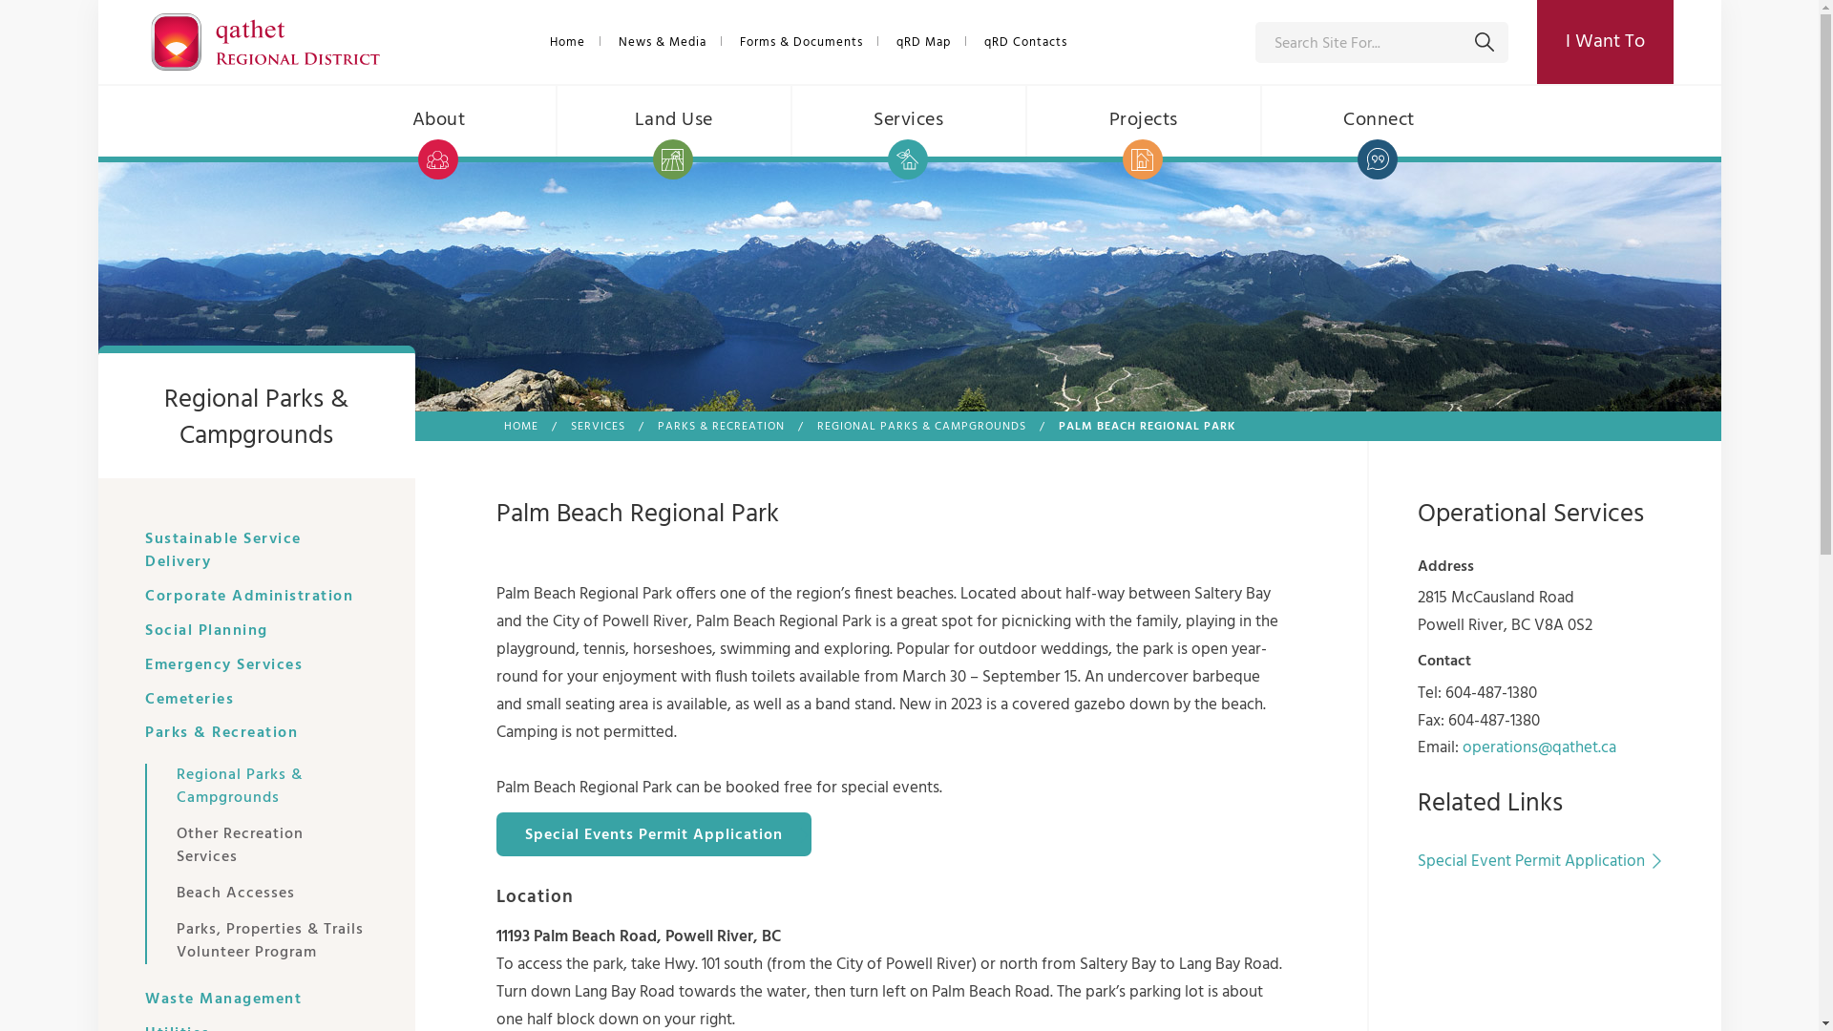  Describe the element at coordinates (271, 789) in the screenshot. I see `'Regional Parks & Campgrounds'` at that location.